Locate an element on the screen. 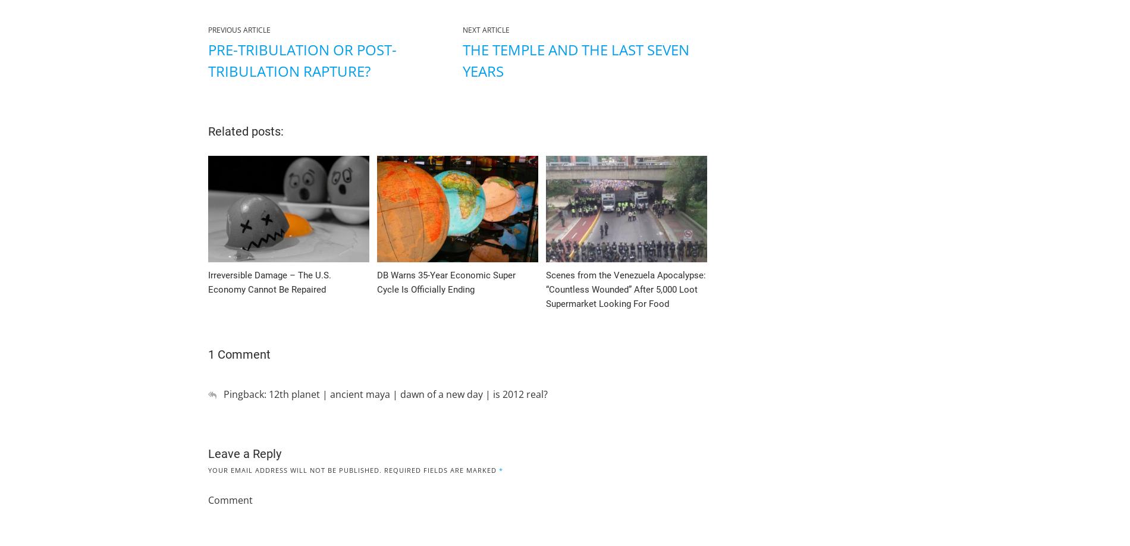 This screenshot has height=546, width=1130. 'Previous Article' is located at coordinates (238, 30).